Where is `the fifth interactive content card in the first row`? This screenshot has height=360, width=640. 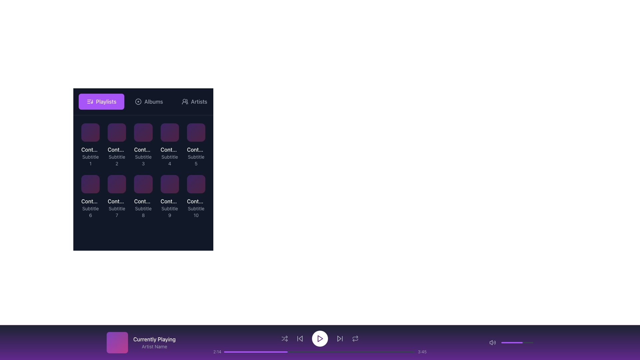 the fifth interactive content card in the first row is located at coordinates (196, 145).